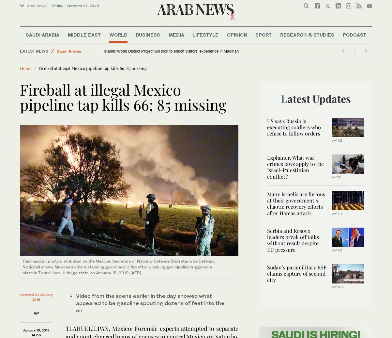 The height and width of the screenshot is (338, 392). Describe the element at coordinates (40, 27) in the screenshot. I see `'Arab News JP'` at that location.